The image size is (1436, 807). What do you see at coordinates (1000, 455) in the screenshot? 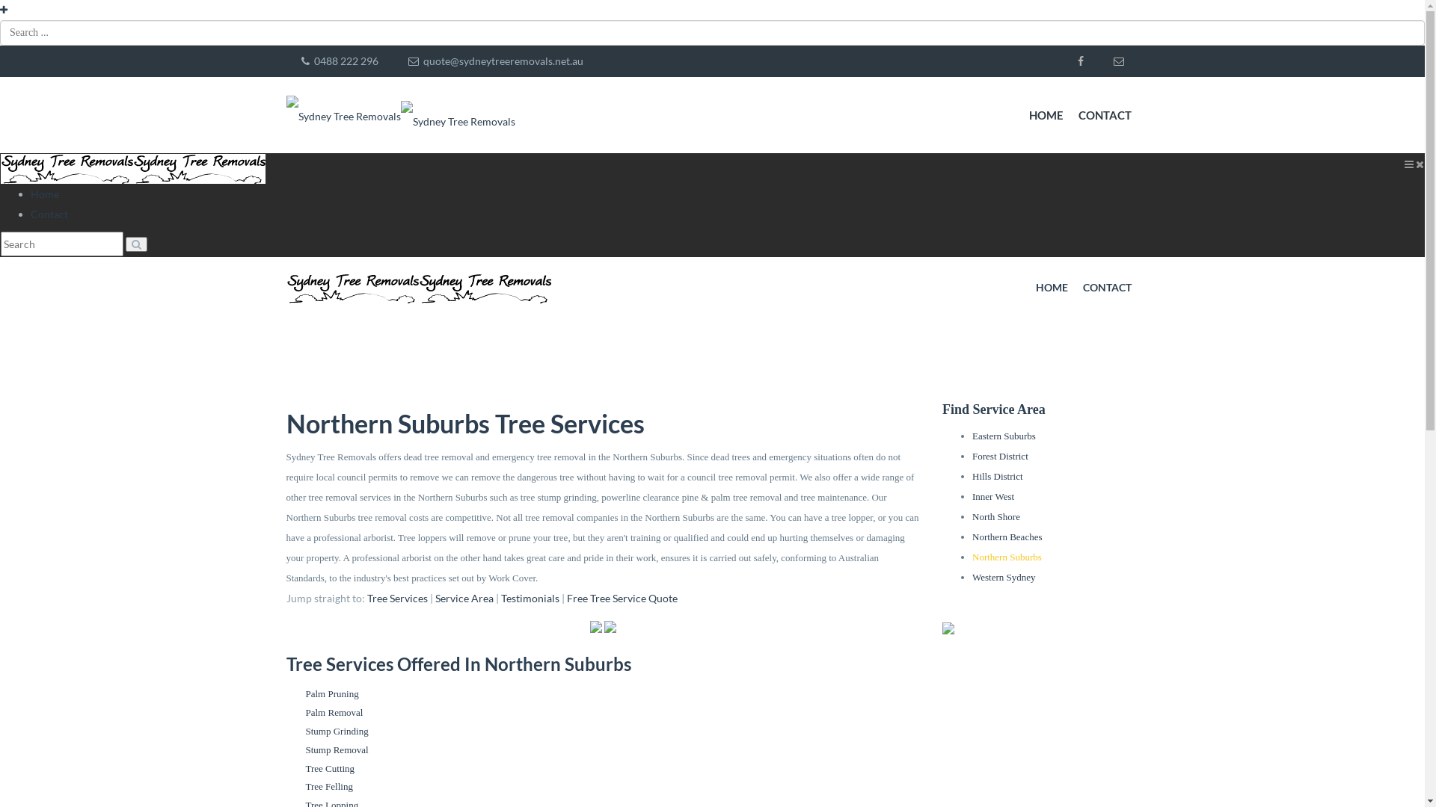
I see `'Forest District'` at bounding box center [1000, 455].